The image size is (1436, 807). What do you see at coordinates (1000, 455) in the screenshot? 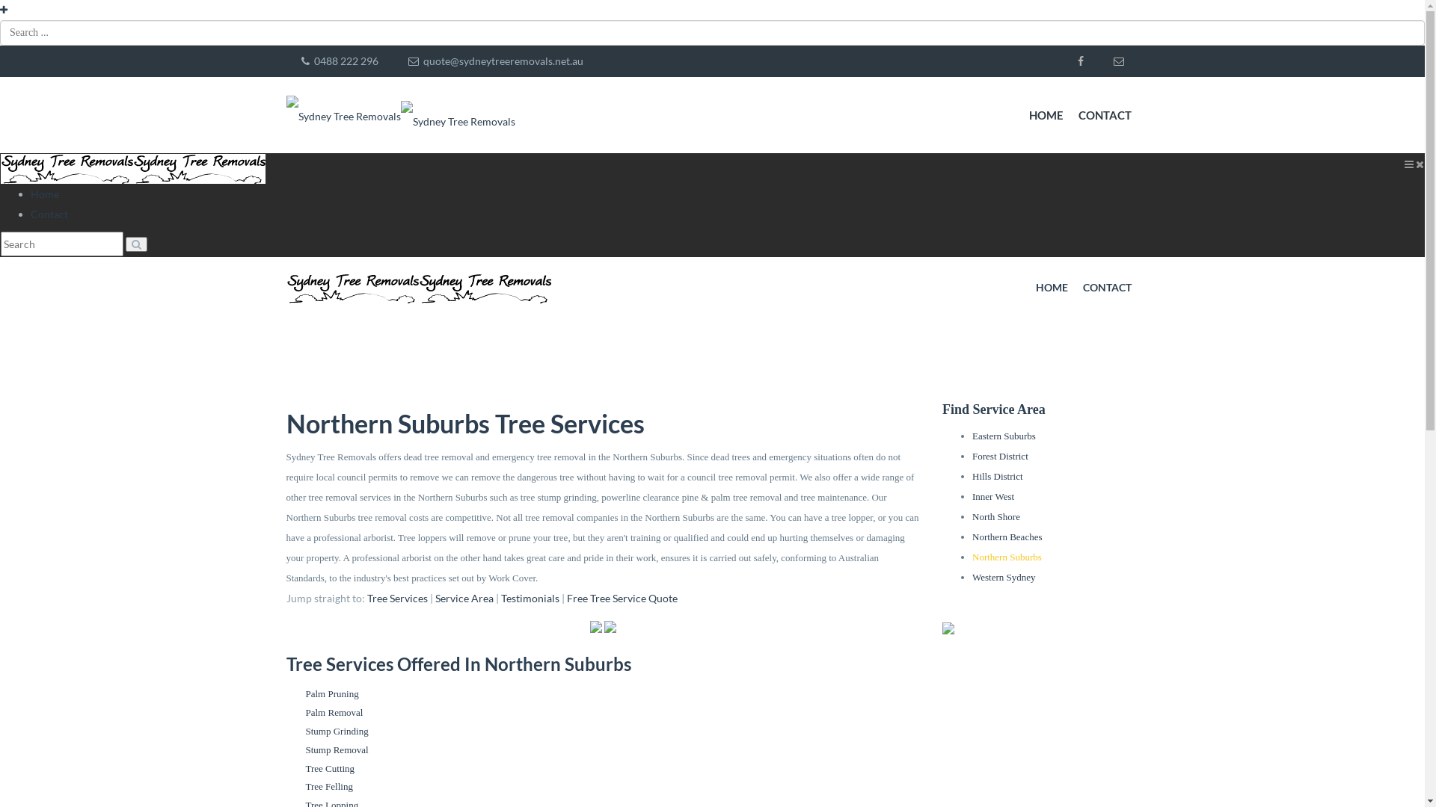
I see `'Forest District'` at bounding box center [1000, 455].